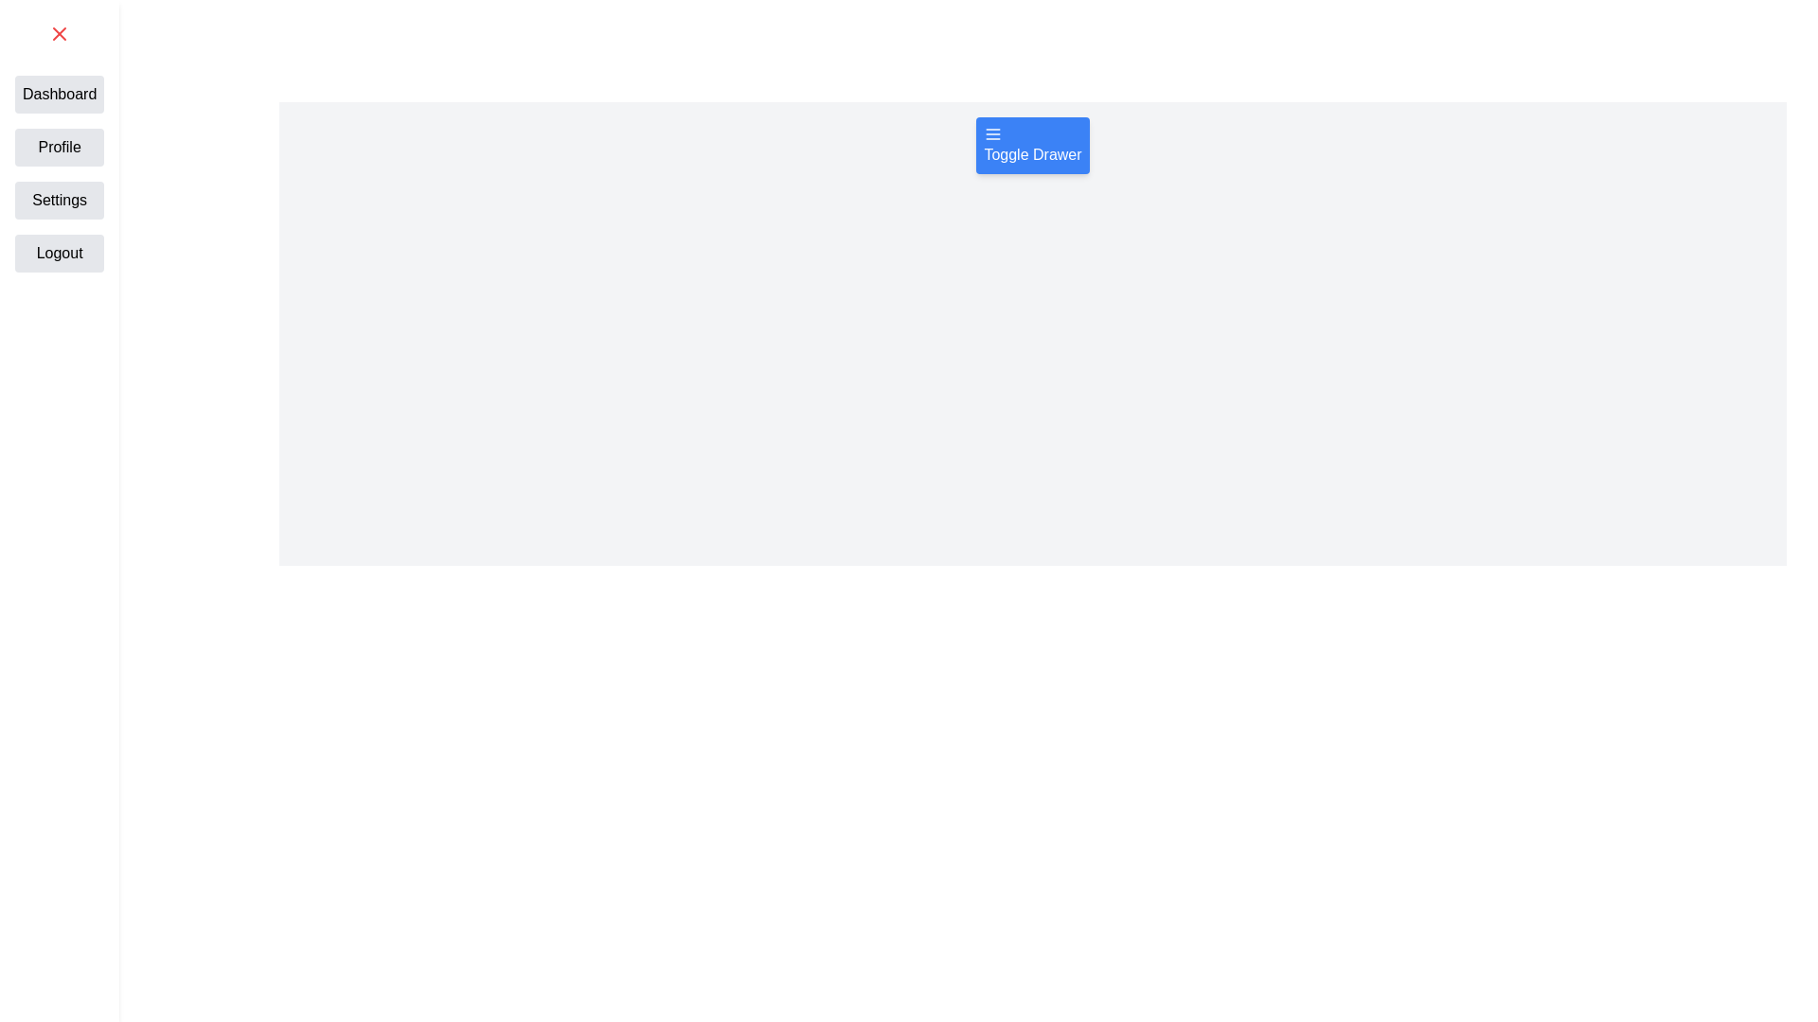 Image resolution: width=1818 pixels, height=1022 pixels. What do you see at coordinates (59, 146) in the screenshot?
I see `the button labeled Profile` at bounding box center [59, 146].